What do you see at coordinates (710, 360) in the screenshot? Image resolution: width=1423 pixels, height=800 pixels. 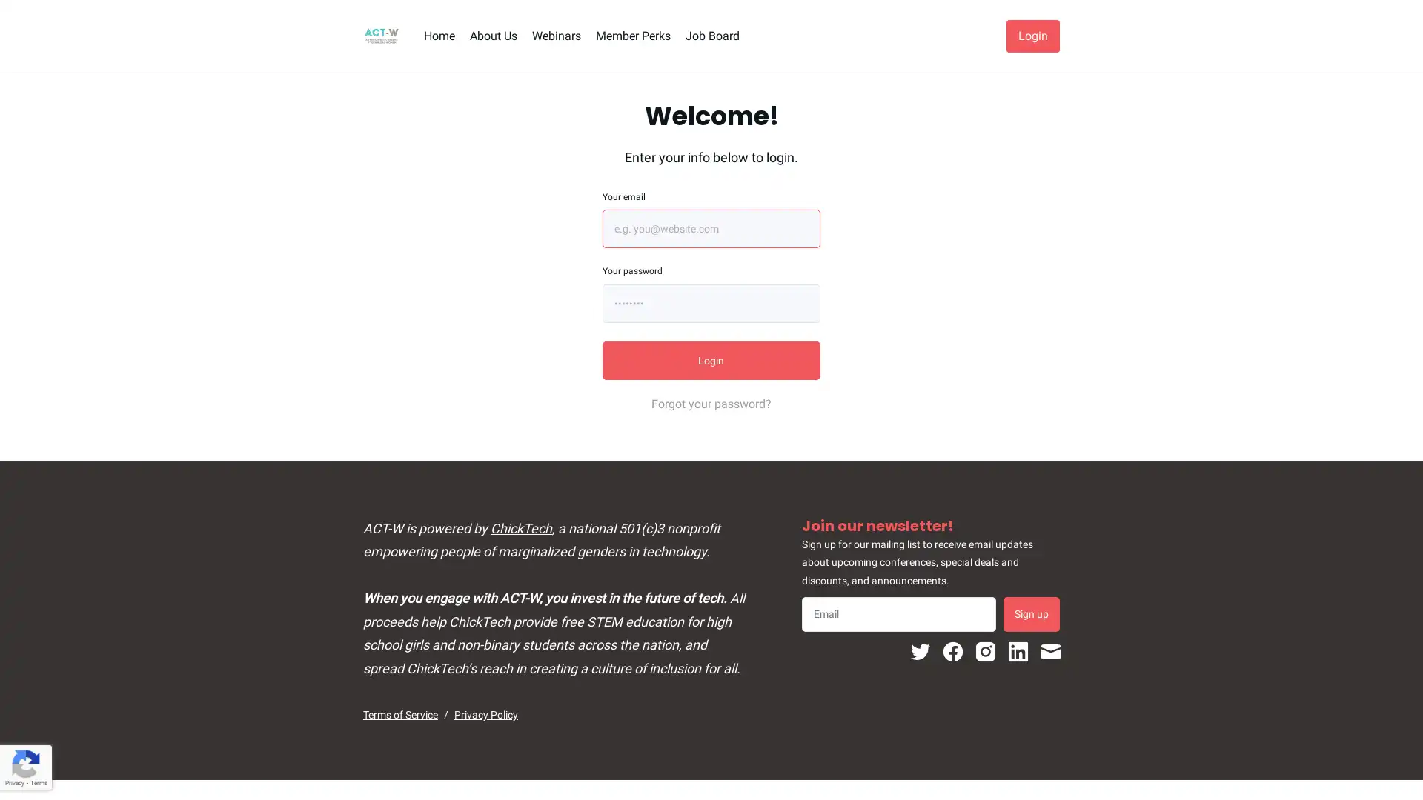 I see `Login` at bounding box center [710, 360].